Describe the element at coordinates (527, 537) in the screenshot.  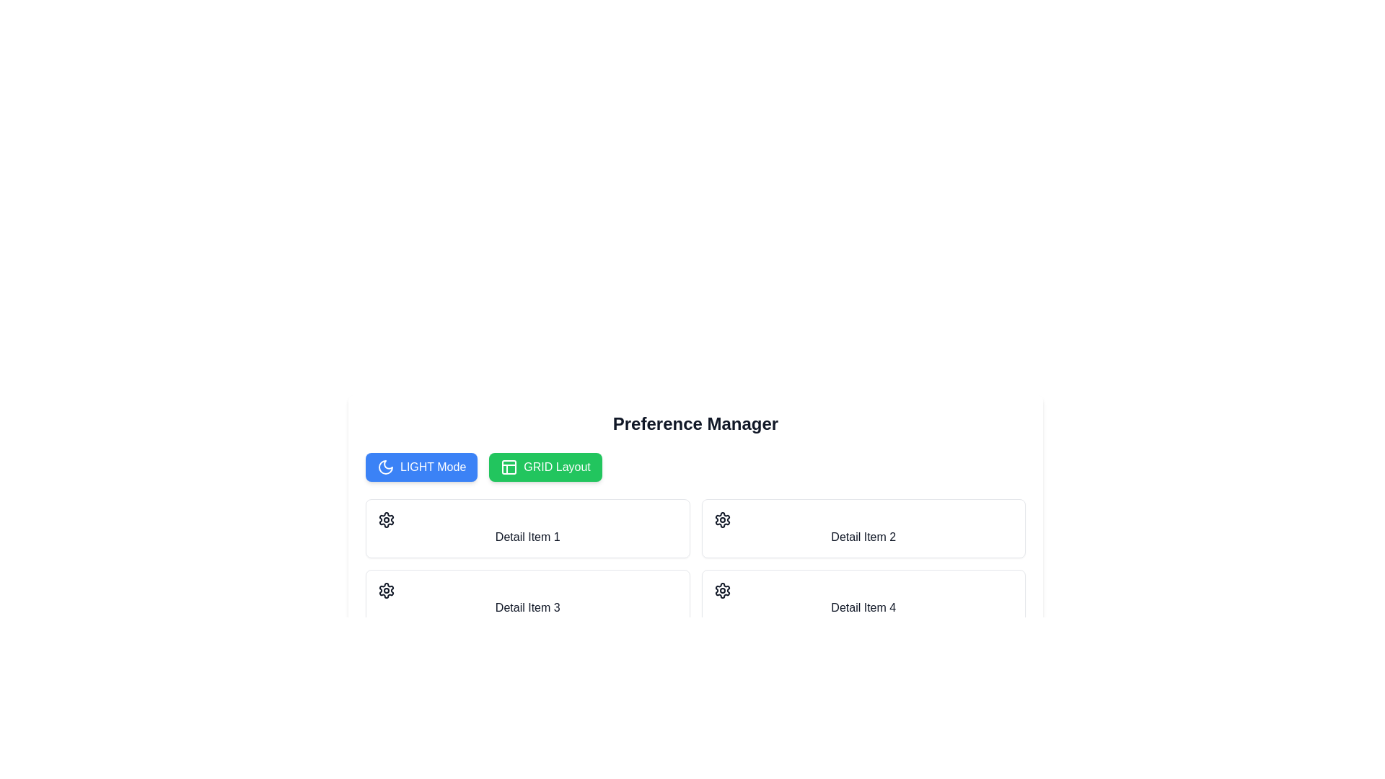
I see `the text label located in the upper-left tile of a 2x2 grid layout, positioned just beneath the header section` at that location.